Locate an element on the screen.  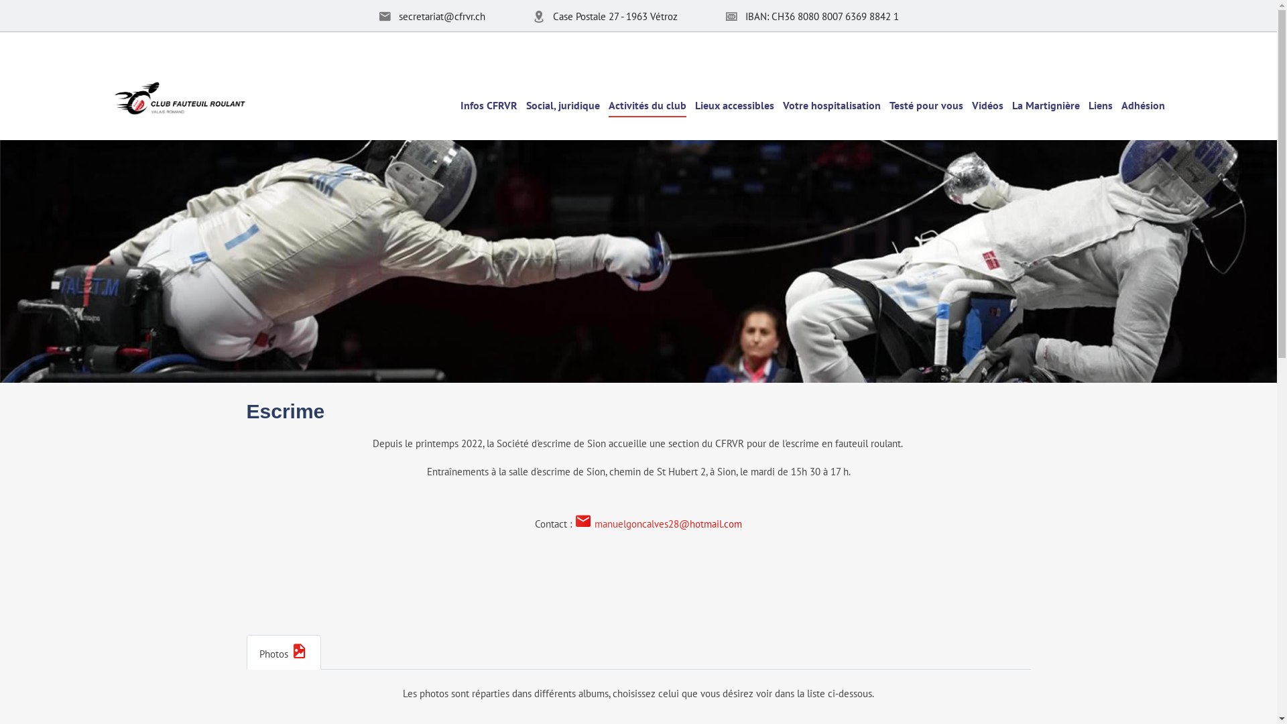
'Social, juridique' is located at coordinates (562, 103).